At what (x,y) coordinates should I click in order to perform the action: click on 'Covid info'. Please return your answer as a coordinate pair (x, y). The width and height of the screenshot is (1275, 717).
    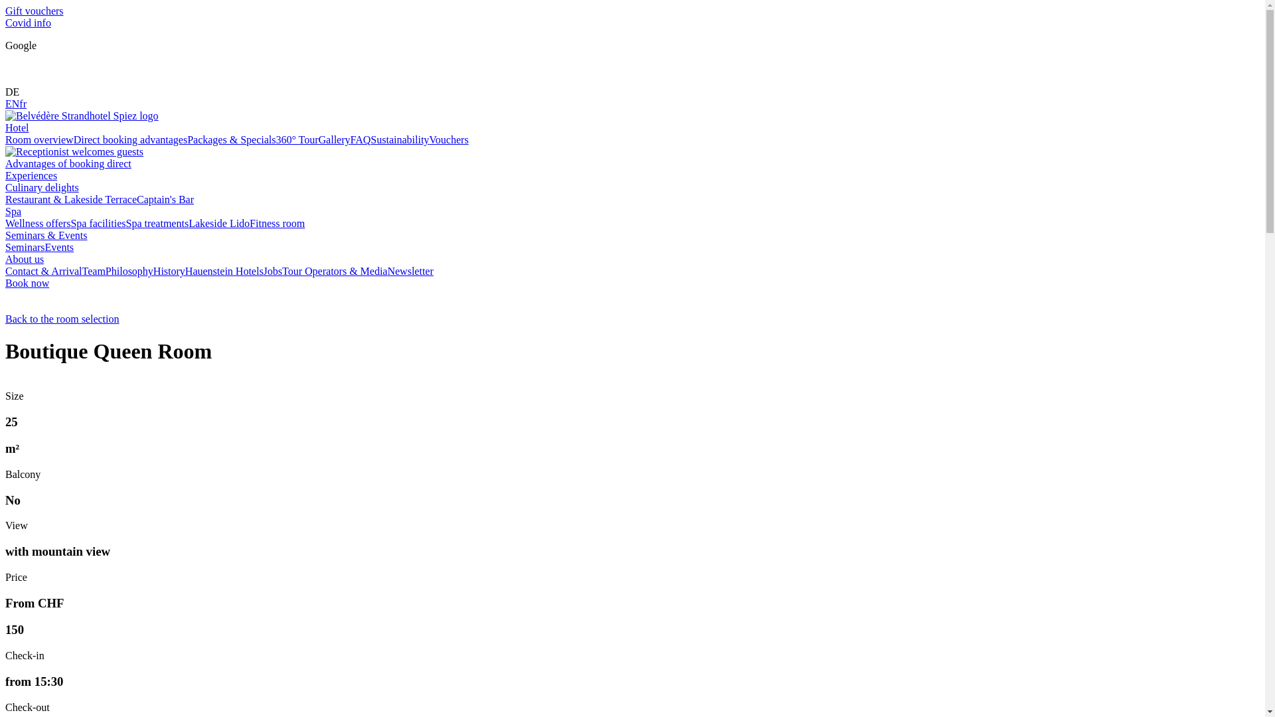
    Looking at the image, I should click on (28, 23).